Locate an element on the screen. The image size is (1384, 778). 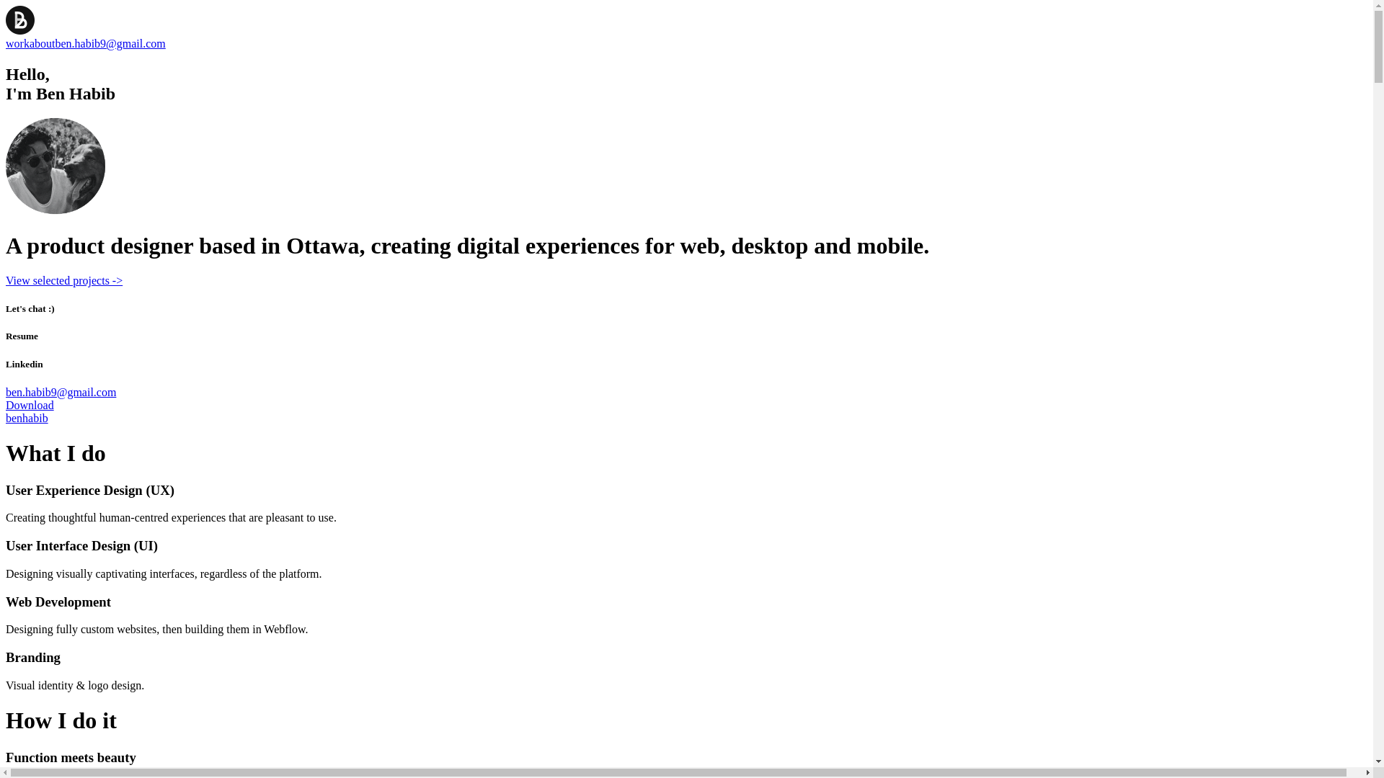
'work' is located at coordinates (17, 43).